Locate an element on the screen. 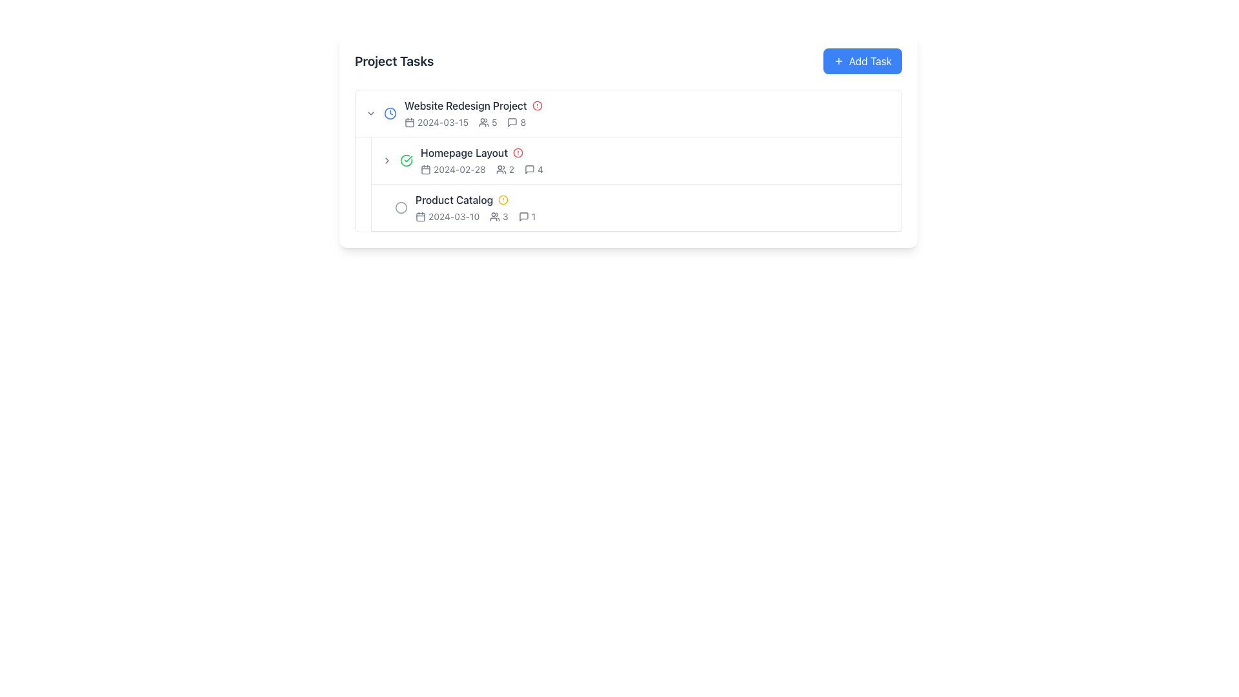 Image resolution: width=1239 pixels, height=697 pixels. the calendar icon located to the left of the date text '2024-02-28', which is part of the second item in the vertical list under 'Project Tasks' is located at coordinates (426, 168).